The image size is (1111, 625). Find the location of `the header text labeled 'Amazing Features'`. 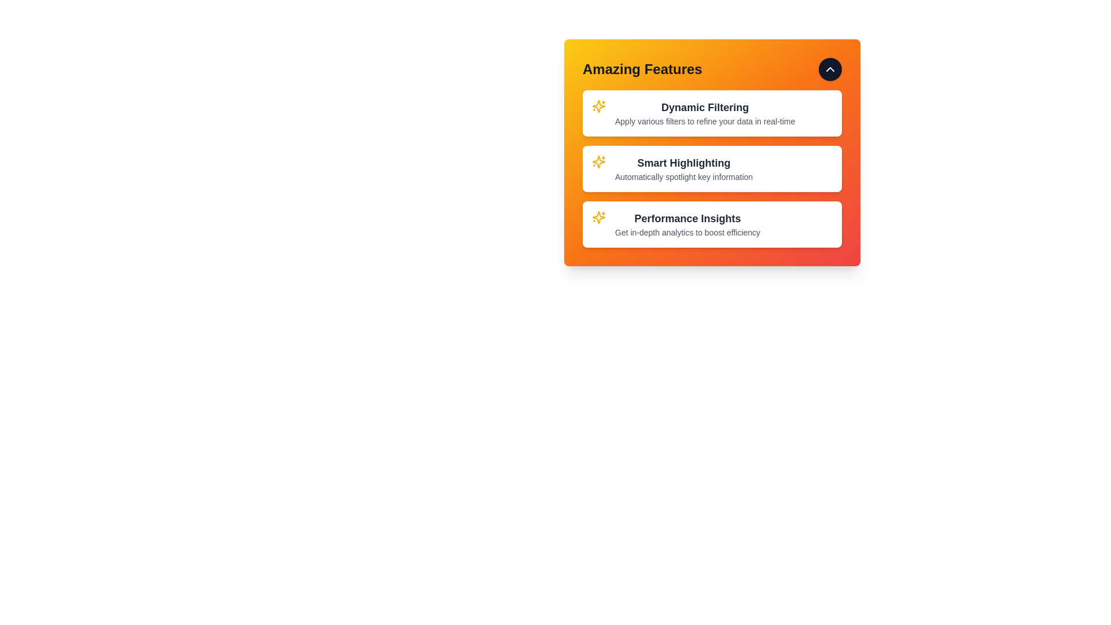

the header text labeled 'Amazing Features' is located at coordinates (711, 69).